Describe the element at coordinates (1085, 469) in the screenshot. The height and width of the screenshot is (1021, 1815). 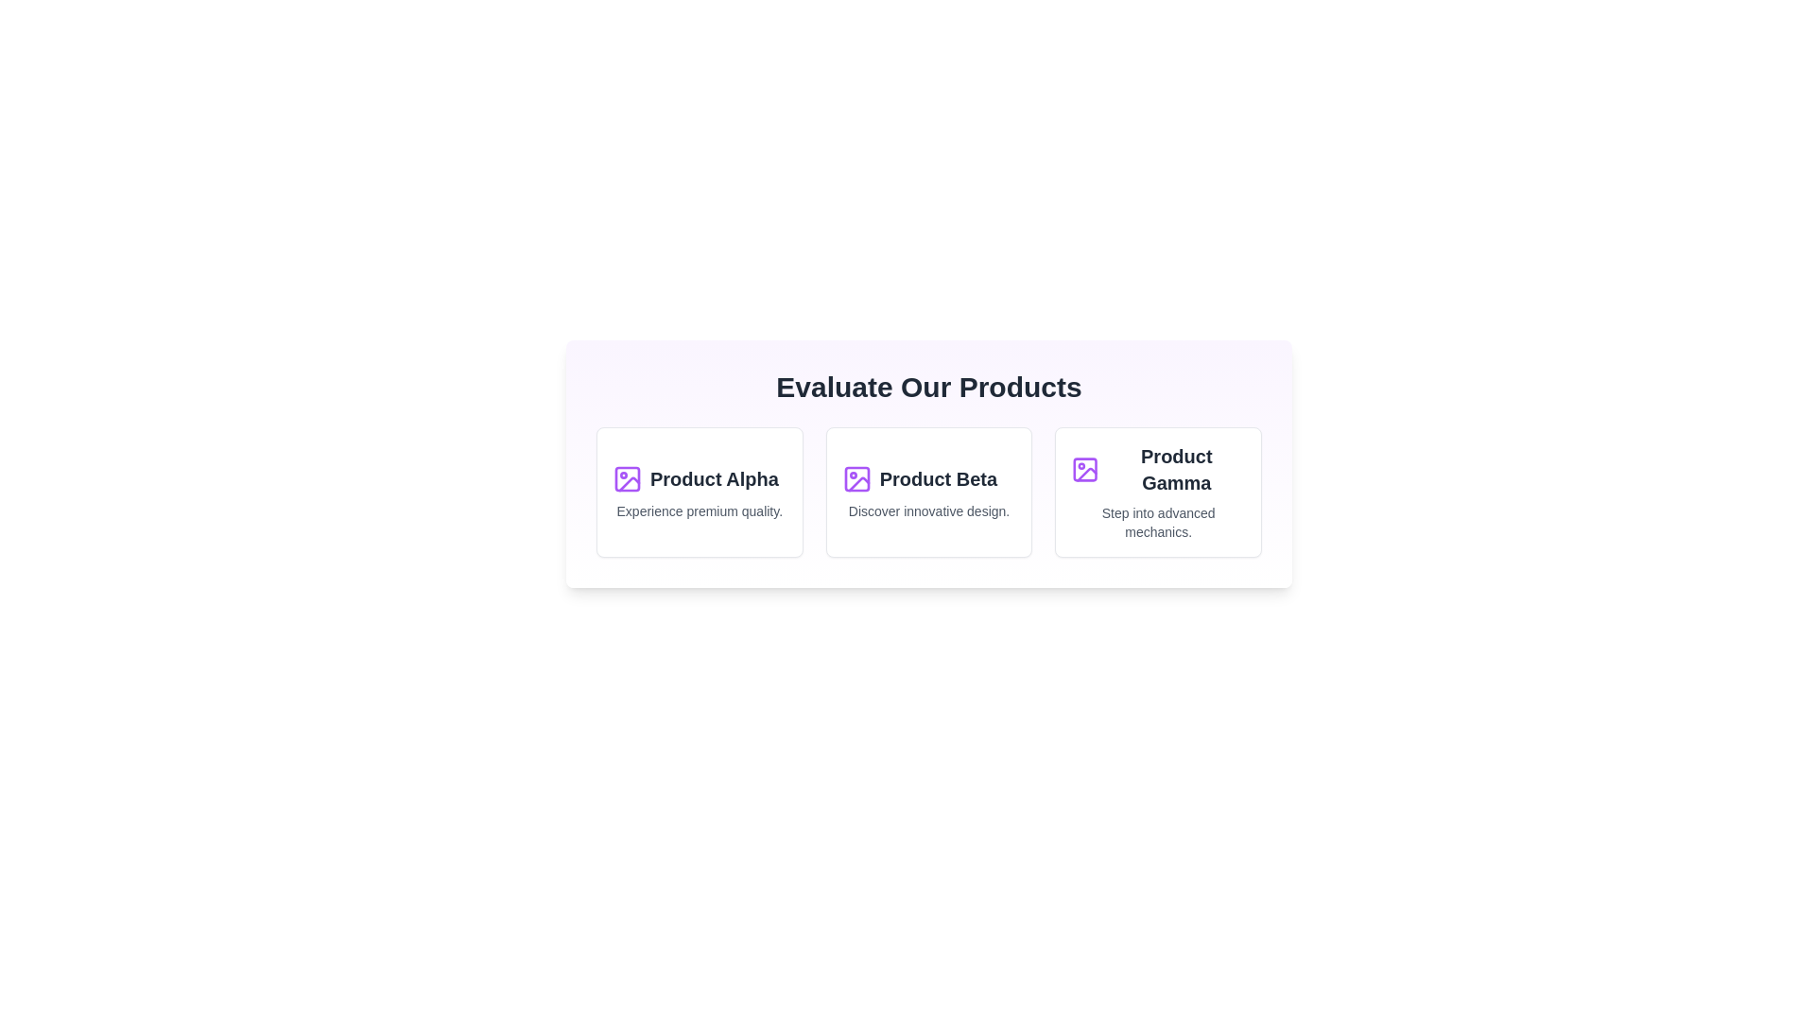
I see `the graphical icon component representing 'Product Beta', which is the main rectangular shape within the icon located to the immediate left of the text 'Product Beta'` at that location.